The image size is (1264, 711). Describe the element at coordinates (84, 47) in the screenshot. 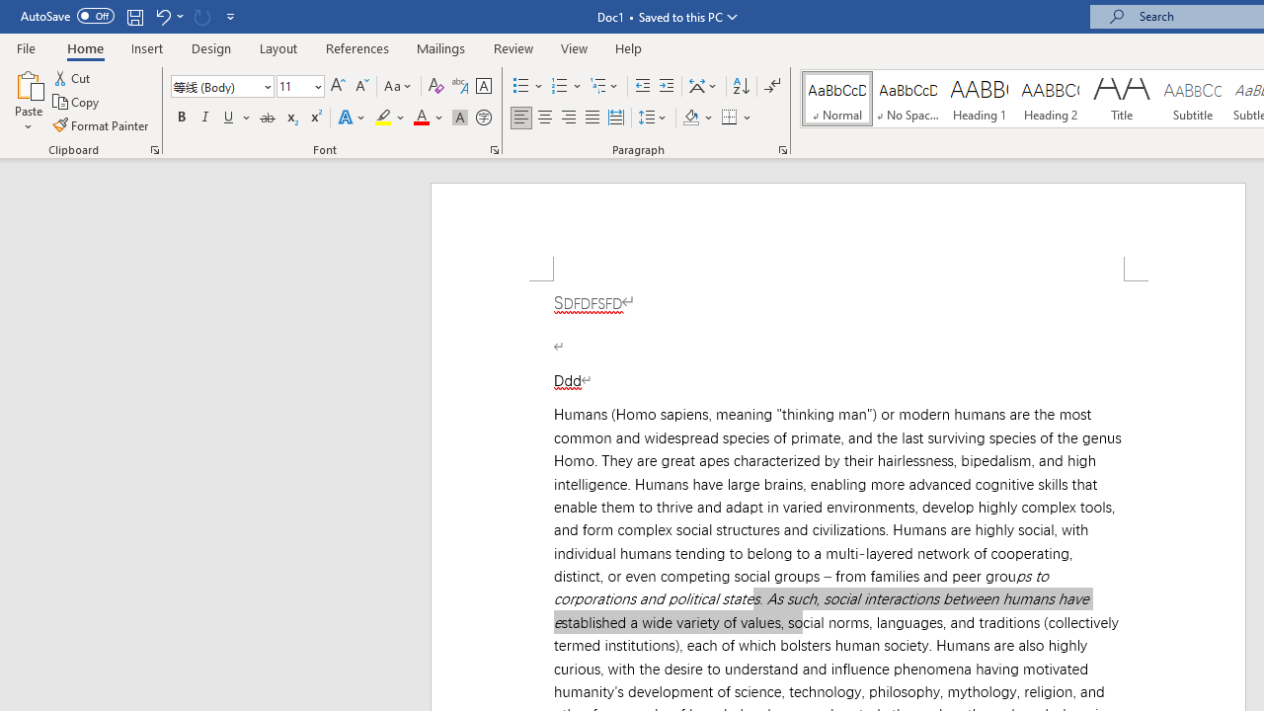

I see `'Home'` at that location.